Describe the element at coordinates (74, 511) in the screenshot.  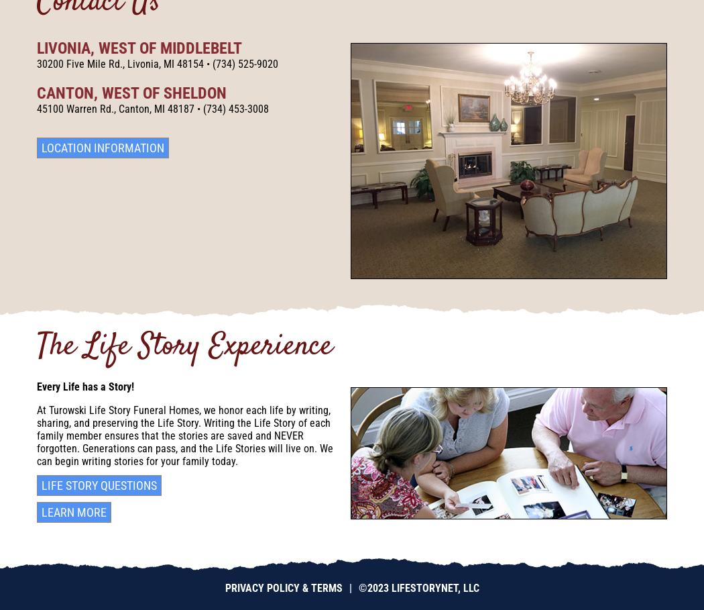
I see `'Learn More'` at that location.